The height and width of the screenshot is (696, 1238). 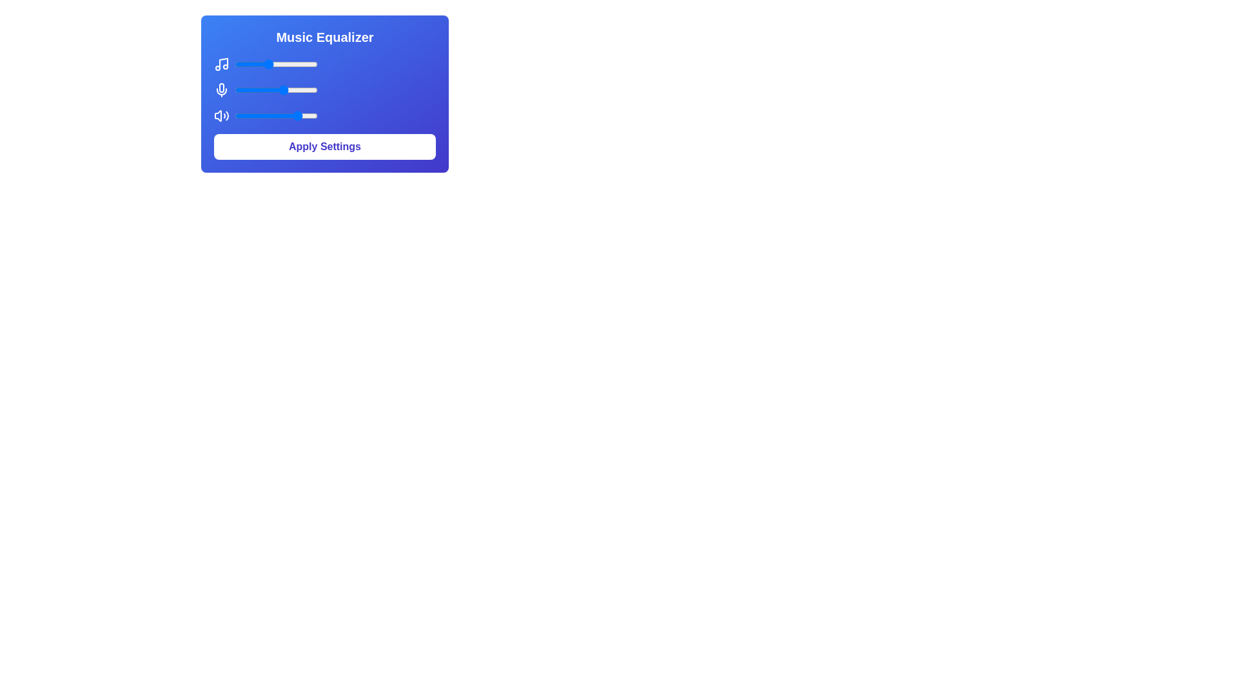 What do you see at coordinates (256, 89) in the screenshot?
I see `the slider value` at bounding box center [256, 89].